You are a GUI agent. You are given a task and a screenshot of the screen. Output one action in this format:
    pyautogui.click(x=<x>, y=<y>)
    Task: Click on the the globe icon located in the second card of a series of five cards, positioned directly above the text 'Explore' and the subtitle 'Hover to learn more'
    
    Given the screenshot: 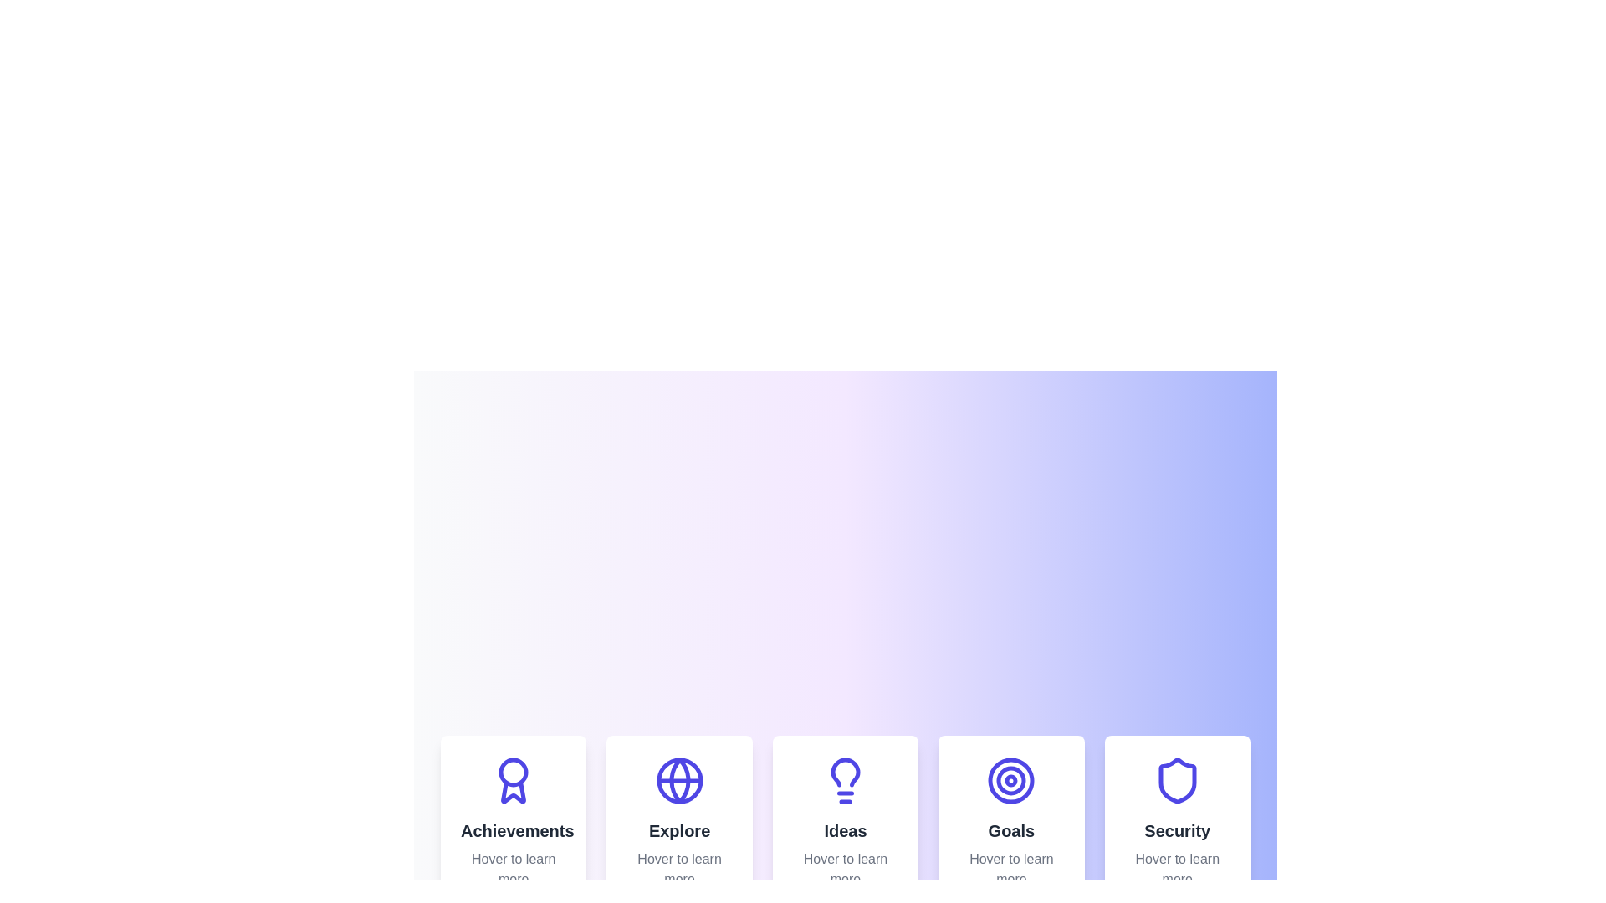 What is the action you would take?
    pyautogui.click(x=679, y=780)
    